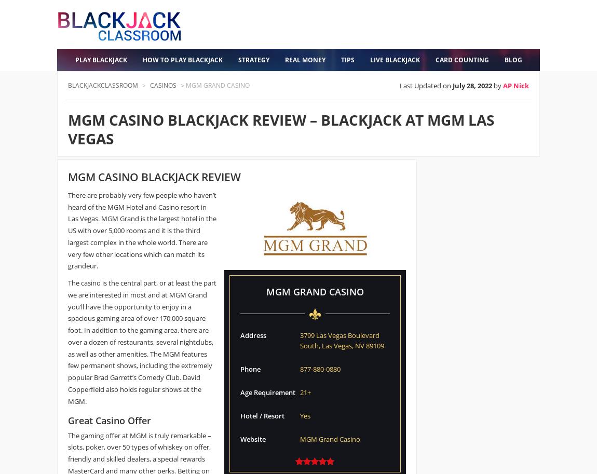 This screenshot has width=597, height=474. Describe the element at coordinates (304, 392) in the screenshot. I see `'21+'` at that location.